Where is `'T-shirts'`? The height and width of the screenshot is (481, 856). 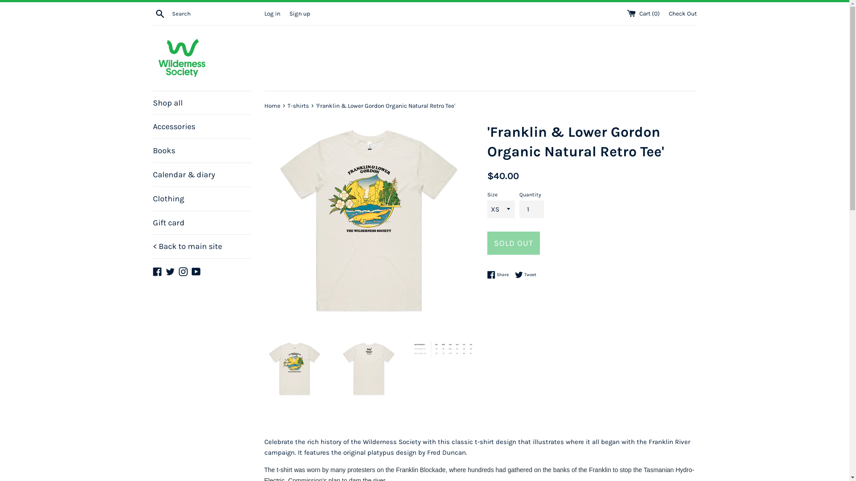
'T-shirts' is located at coordinates (298, 105).